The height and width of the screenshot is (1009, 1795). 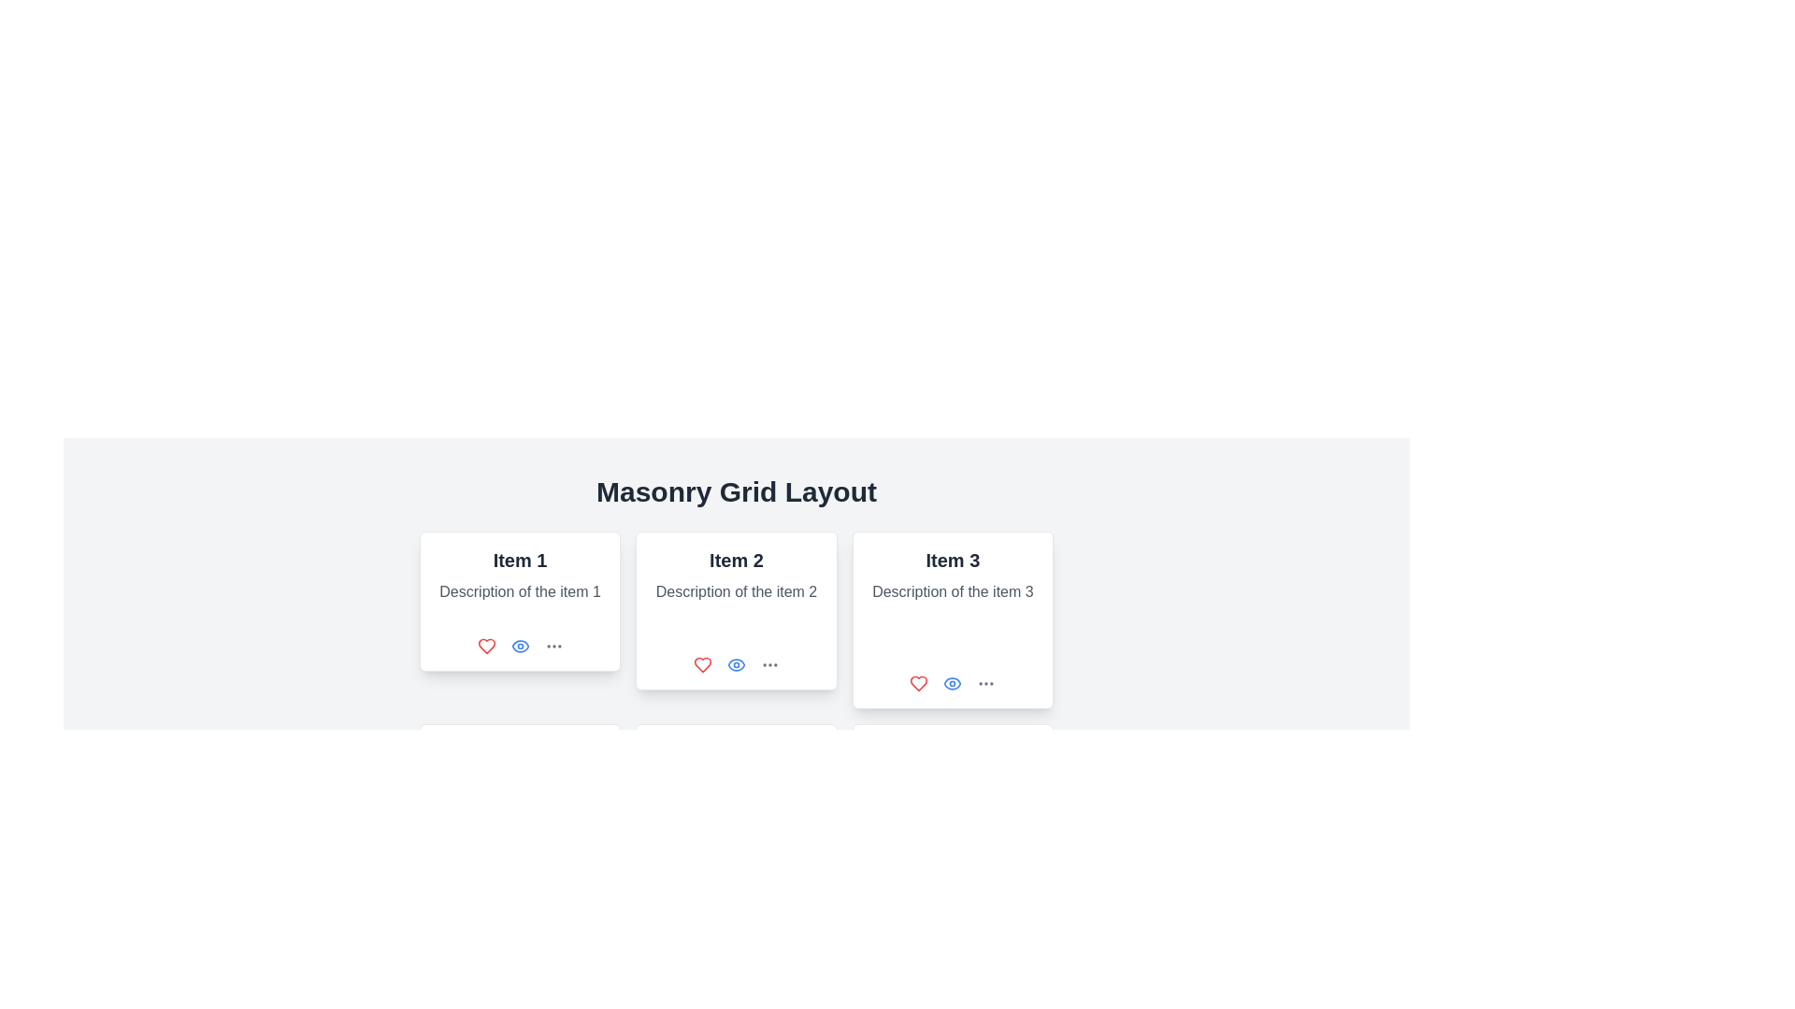 I want to click on the text display element titled 'Item 2', which is prominently styled in bold and large dark gray font, located at the top of the second tile, so click(x=735, y=560).